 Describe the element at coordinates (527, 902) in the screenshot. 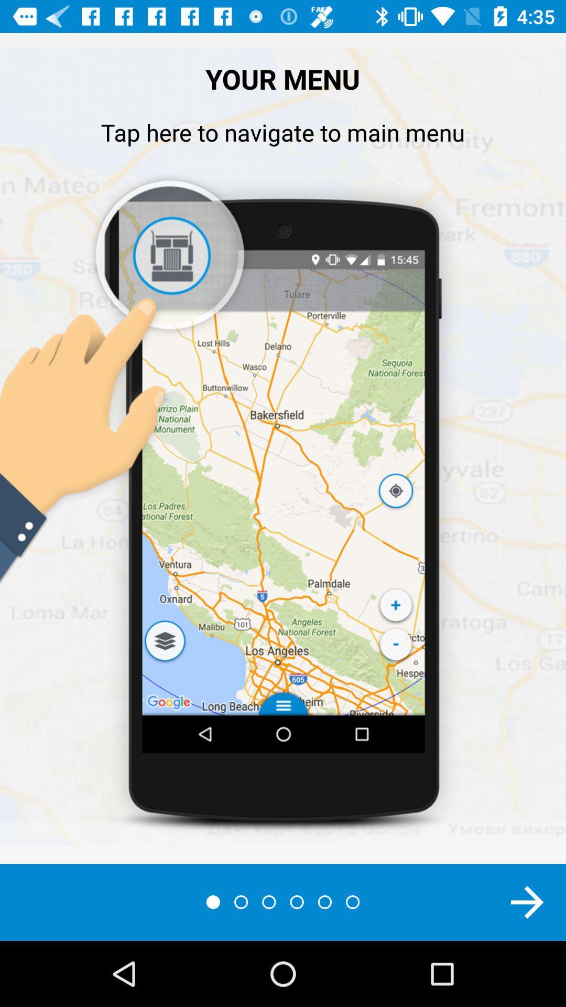

I see `the icon at the bottom right corner` at that location.